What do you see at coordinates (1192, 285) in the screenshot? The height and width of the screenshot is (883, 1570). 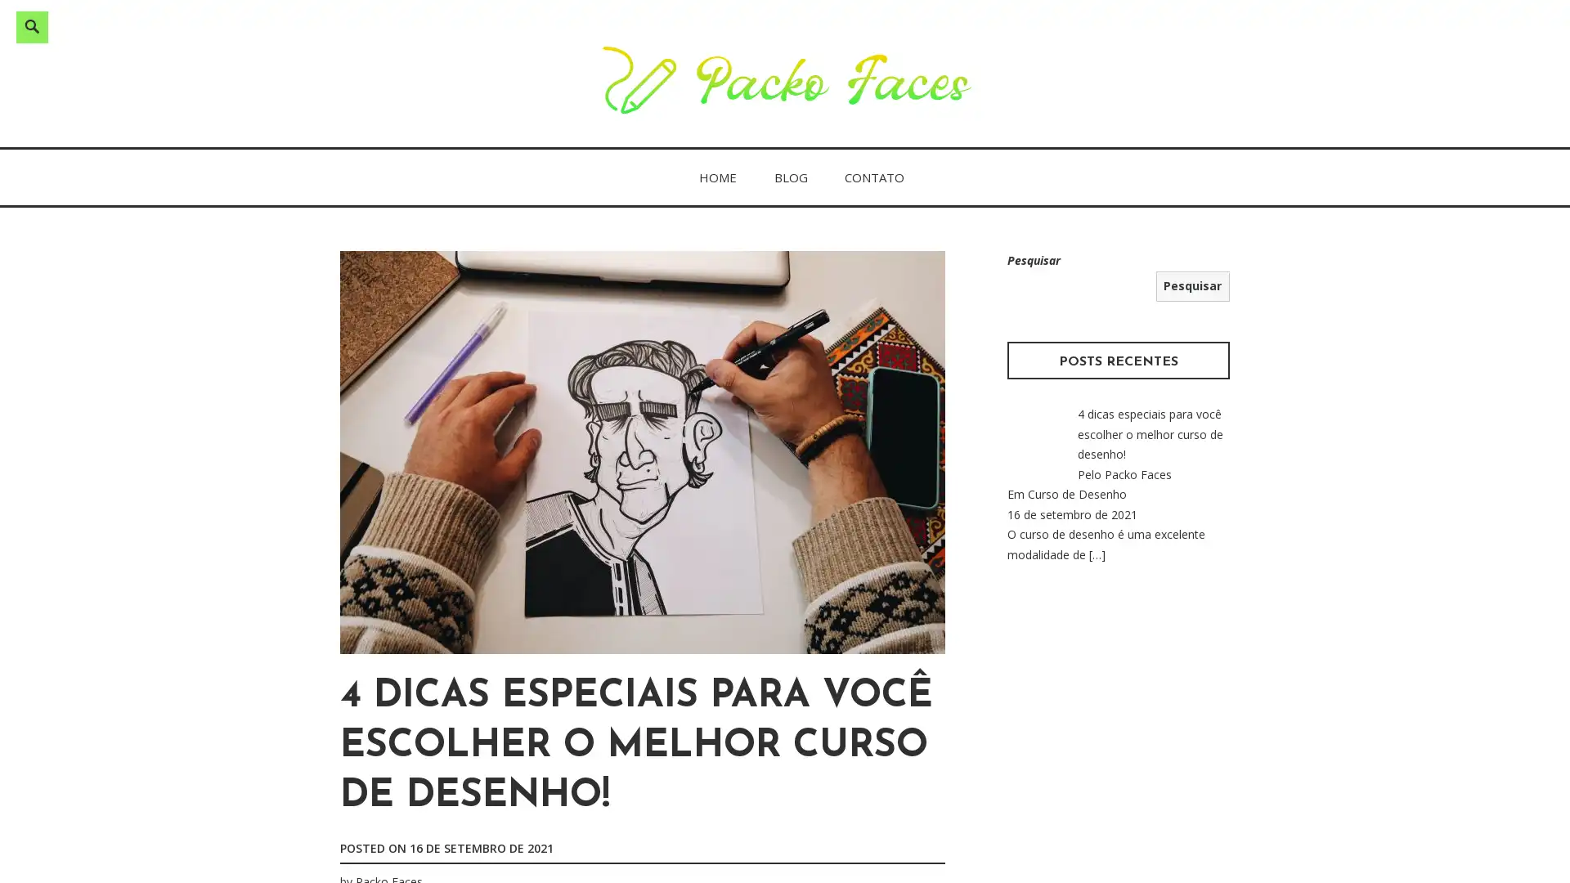 I see `Pesquisar` at bounding box center [1192, 285].